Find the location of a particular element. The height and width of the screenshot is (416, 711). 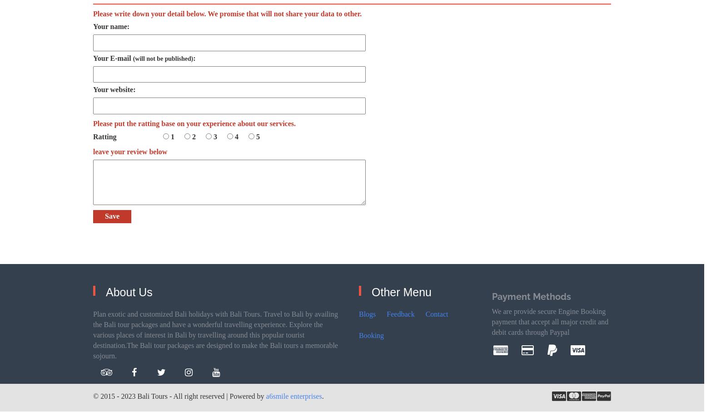

'1' is located at coordinates (172, 136).